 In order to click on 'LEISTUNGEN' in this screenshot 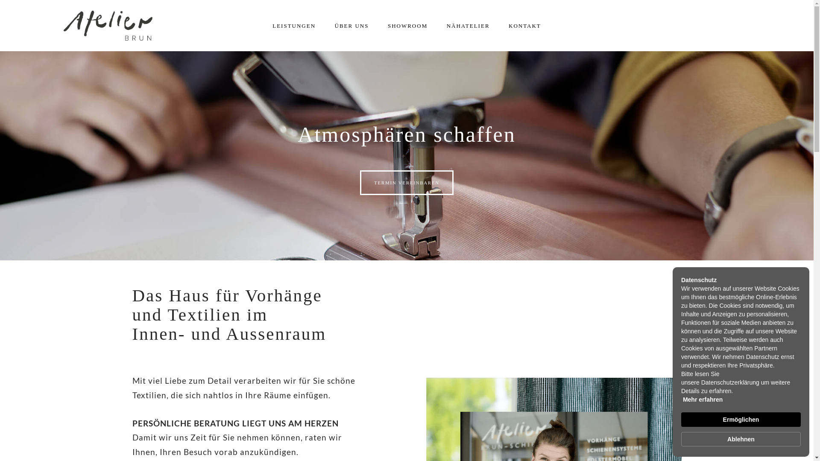, I will do `click(294, 25)`.